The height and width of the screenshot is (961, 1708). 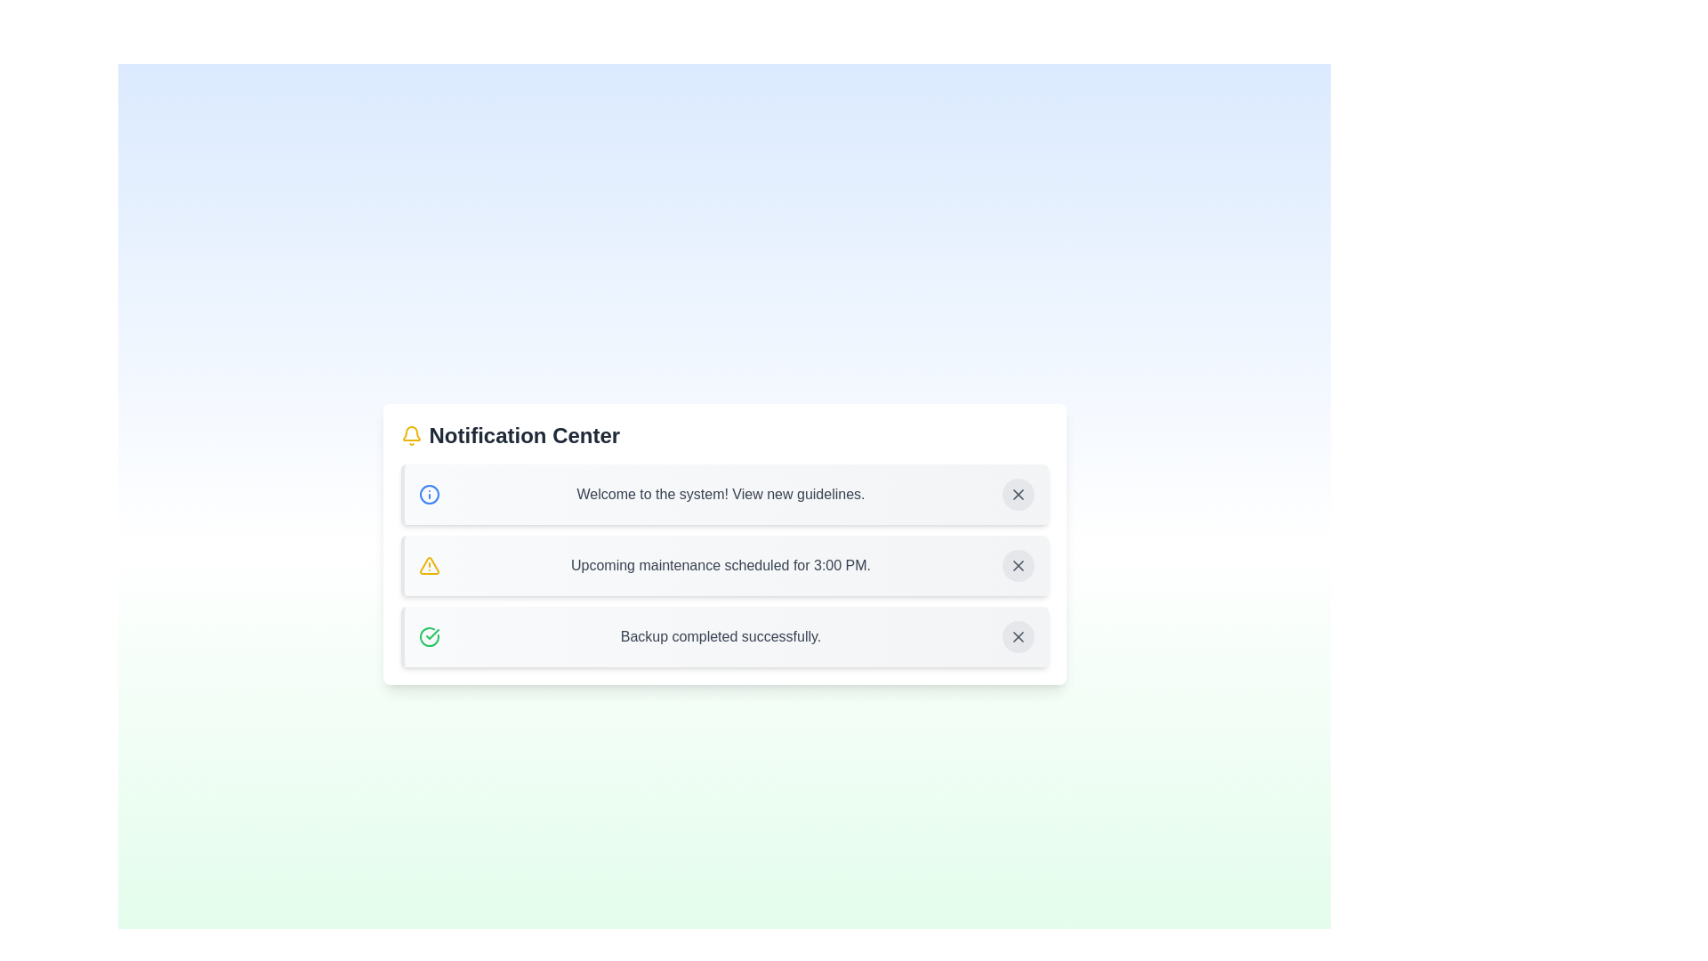 I want to click on the success Icon located in the last notification item within the 'Notification Center' interface, situated above its descriptive text, so click(x=431, y=634).